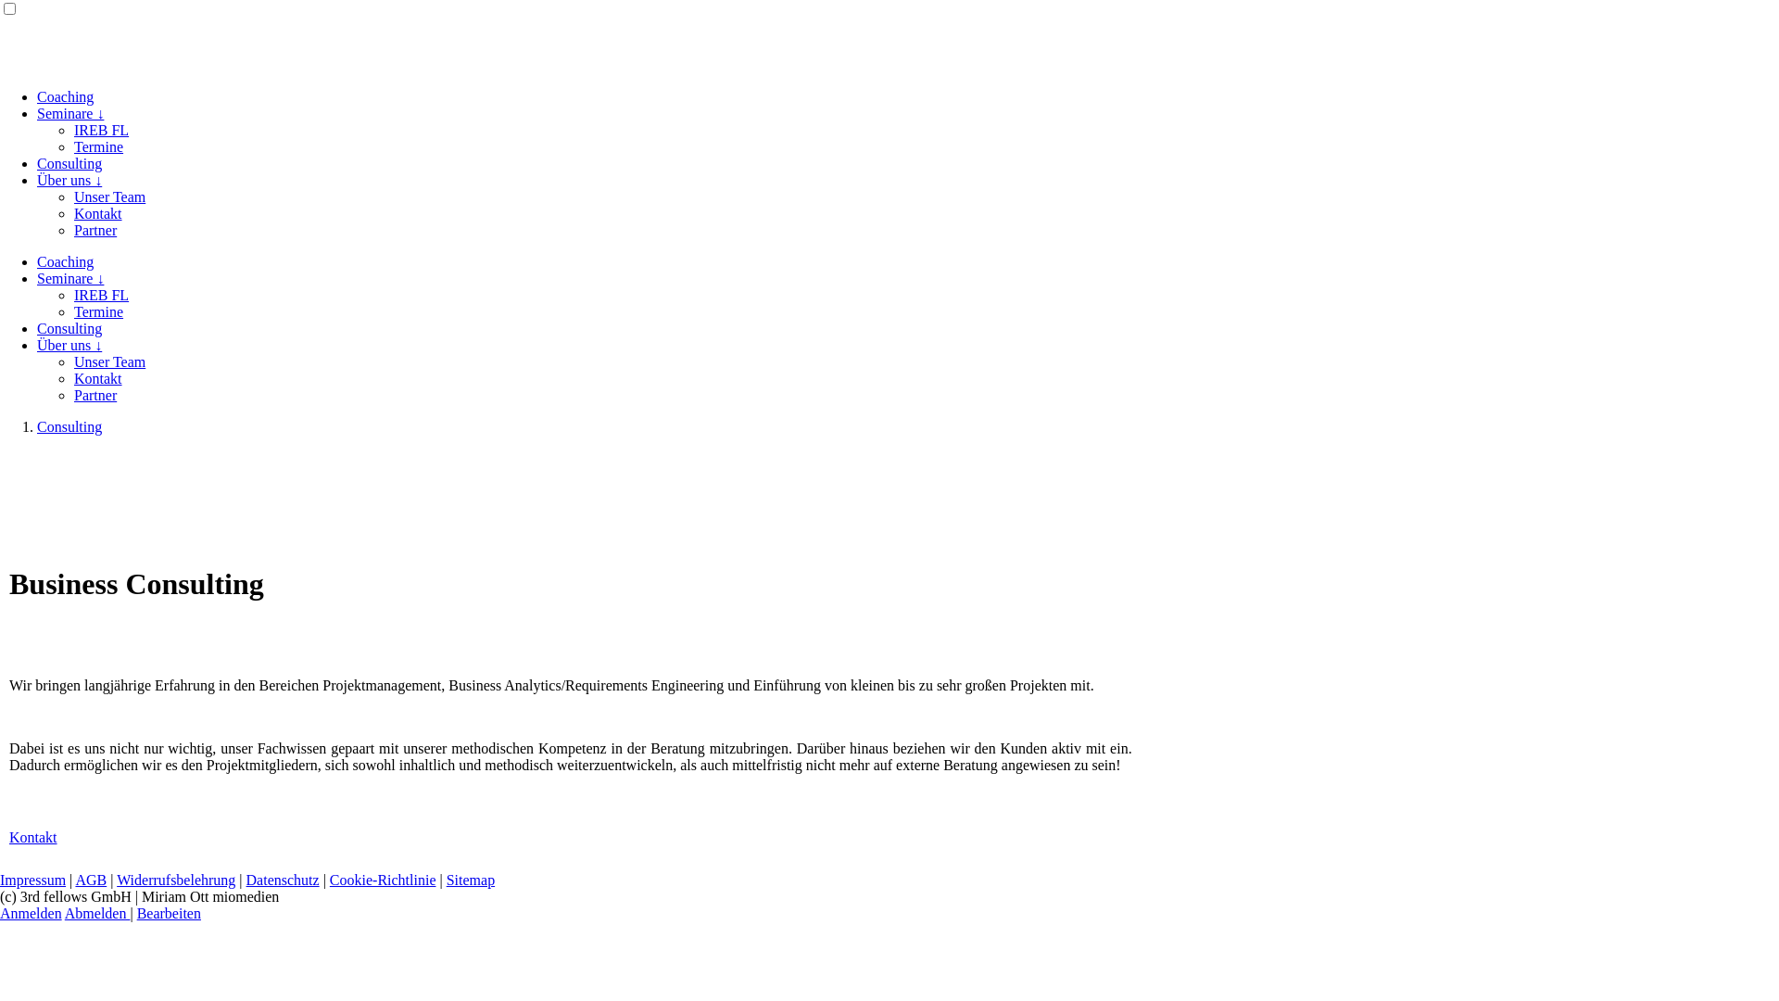  What do you see at coordinates (382, 879) in the screenshot?
I see `'Cookie-Richtlinie'` at bounding box center [382, 879].